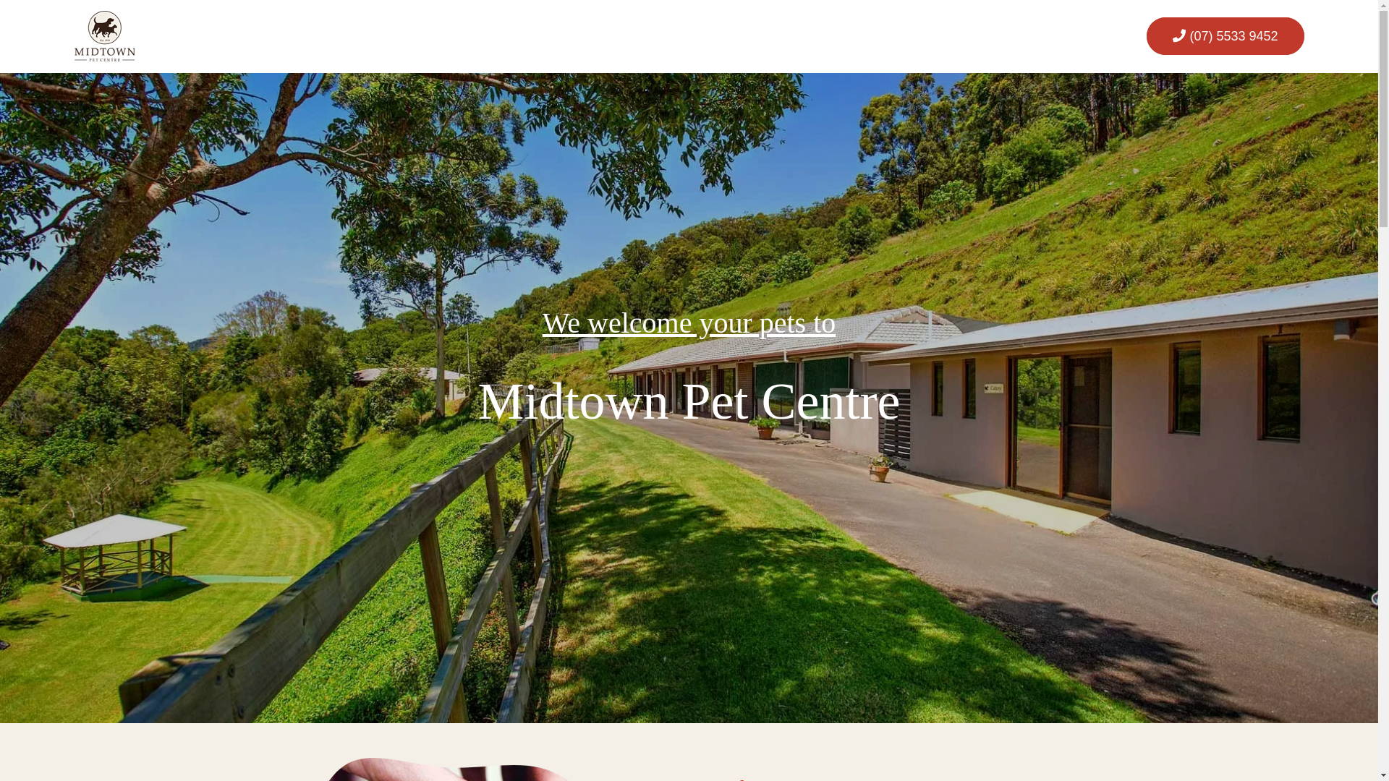  I want to click on '(07) 5533 9452', so click(1224, 35).